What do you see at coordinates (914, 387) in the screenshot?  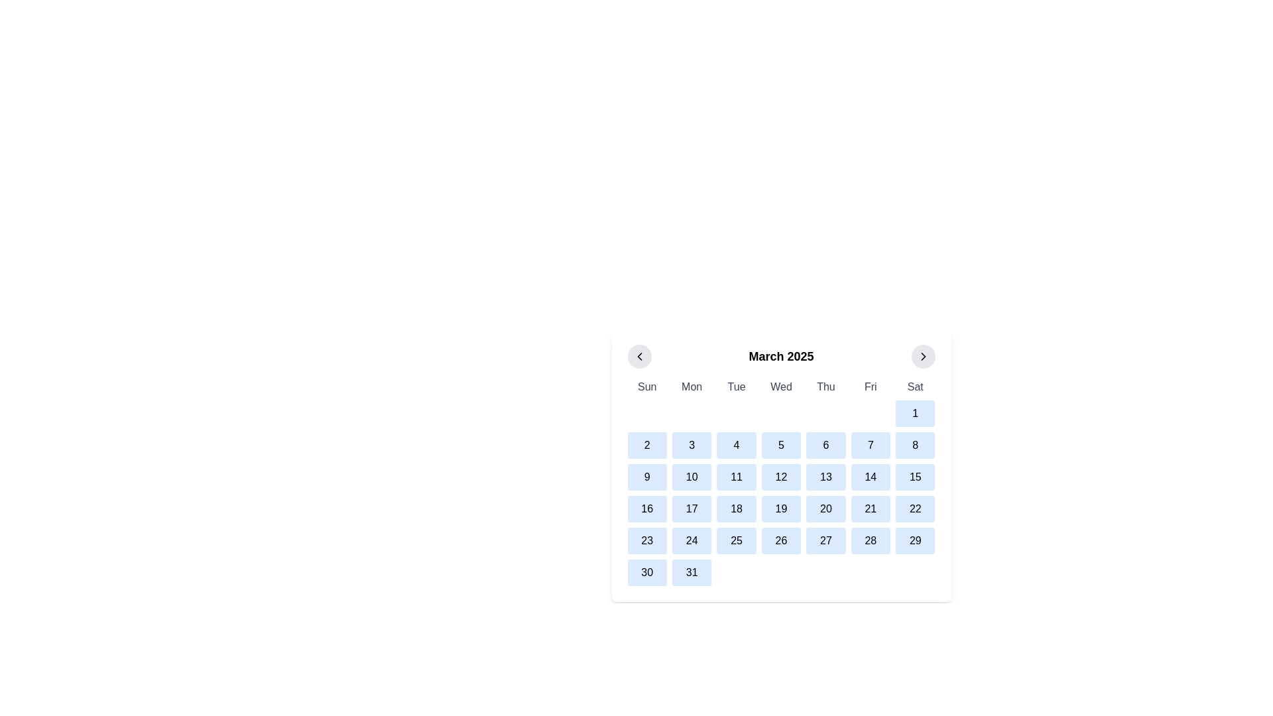 I see `the label for Saturday in the calendar interface, which is the seventh element in a row of days of the week` at bounding box center [914, 387].